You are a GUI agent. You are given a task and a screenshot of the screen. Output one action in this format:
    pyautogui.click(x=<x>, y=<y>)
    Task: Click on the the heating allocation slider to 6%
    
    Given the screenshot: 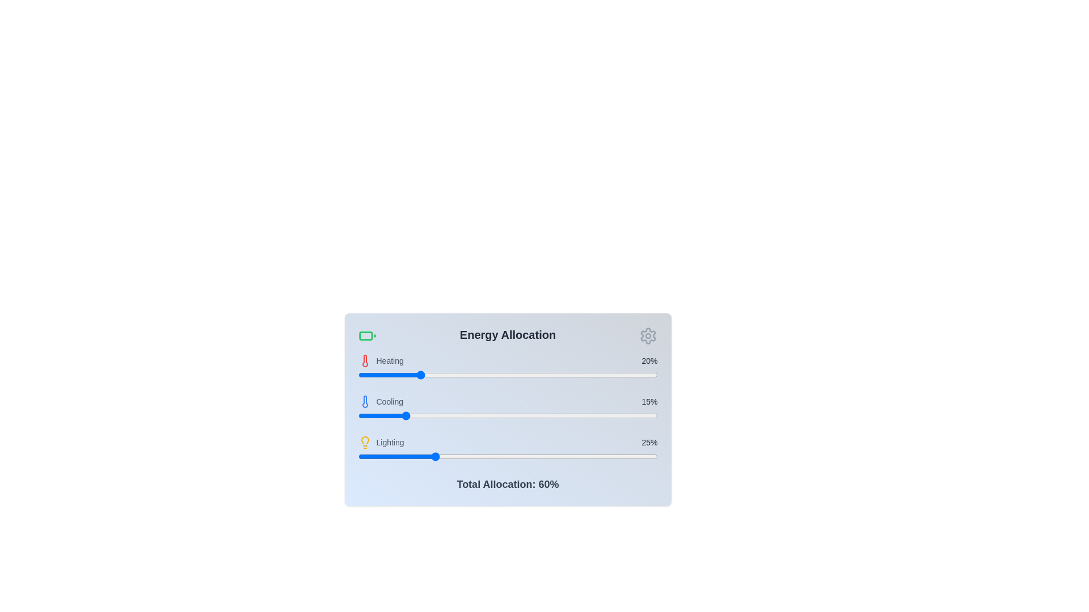 What is the action you would take?
    pyautogui.click(x=376, y=375)
    